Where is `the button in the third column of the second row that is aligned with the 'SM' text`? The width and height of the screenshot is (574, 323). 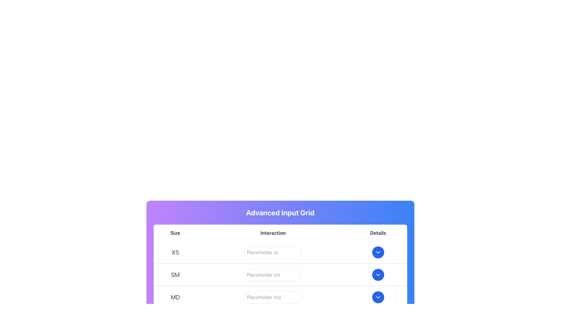 the button in the third column of the second row that is aligned with the 'SM' text is located at coordinates (378, 275).